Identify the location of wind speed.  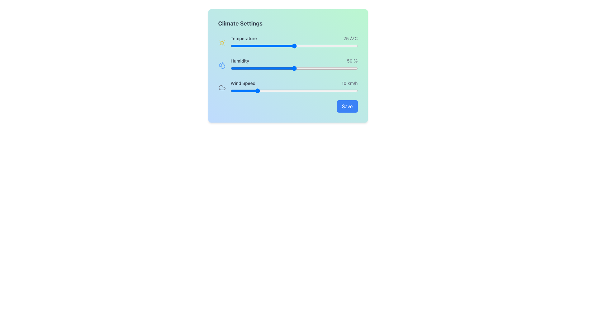
(294, 91).